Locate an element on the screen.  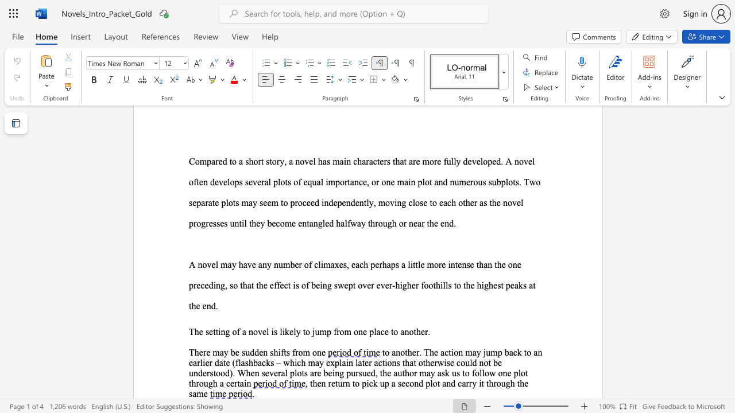
the subset text "d carry it thr" within the text ", then return to pick up a second plot and carry it through the same" is located at coordinates (450, 383).